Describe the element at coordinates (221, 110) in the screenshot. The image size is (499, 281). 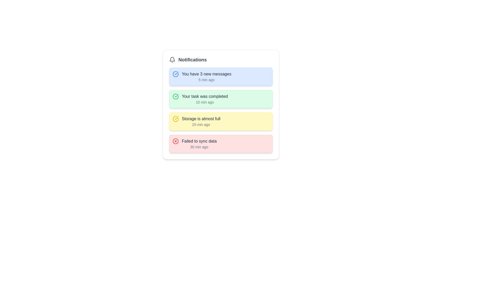
I see `the third notification item, which is part of a notification panel with a white background` at that location.